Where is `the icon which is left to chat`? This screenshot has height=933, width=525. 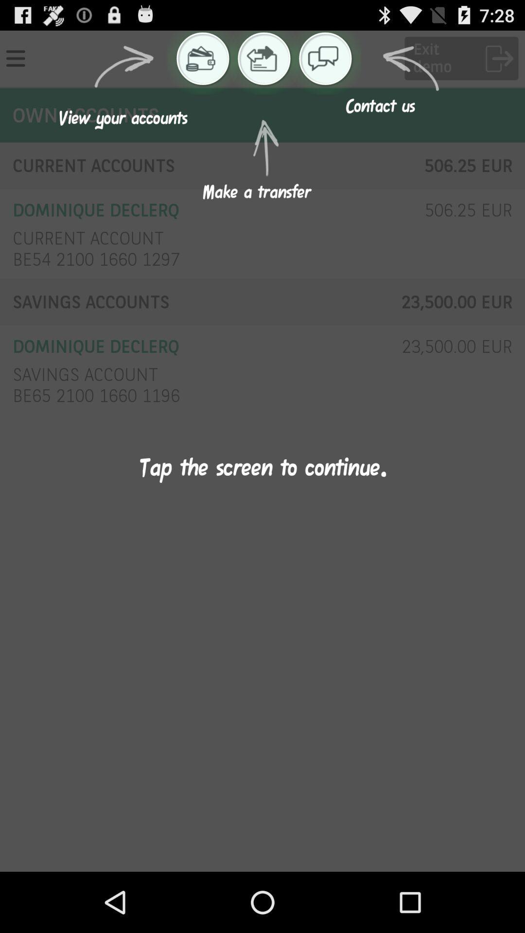
the icon which is left to chat is located at coordinates (262, 58).